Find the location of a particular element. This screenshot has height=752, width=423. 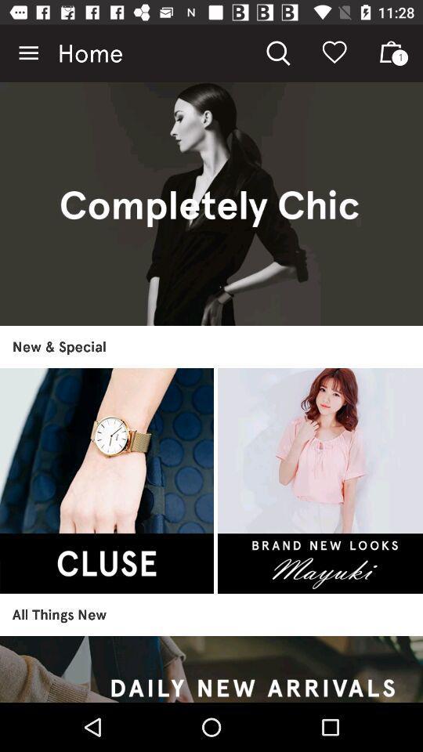

the icon to the left of the home item is located at coordinates (28, 53).